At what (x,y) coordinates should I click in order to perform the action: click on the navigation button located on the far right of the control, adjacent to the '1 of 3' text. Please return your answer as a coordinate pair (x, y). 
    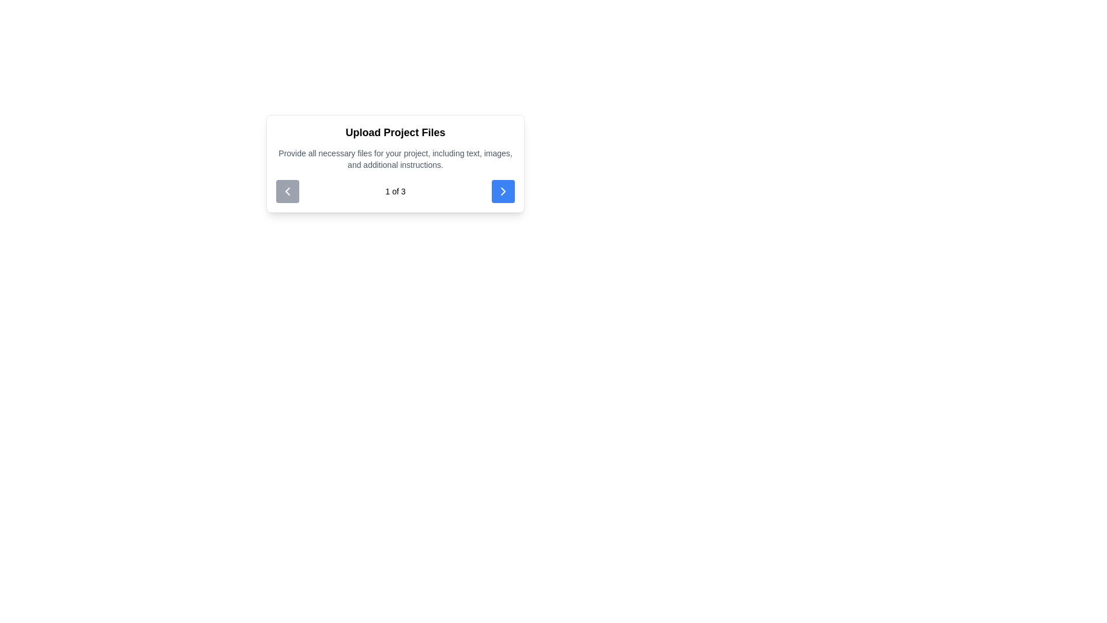
    Looking at the image, I should click on (503, 190).